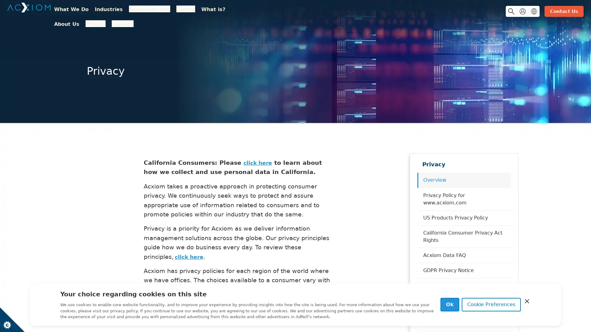 The width and height of the screenshot is (591, 332). Describe the element at coordinates (450, 305) in the screenshot. I see `Ok` at that location.